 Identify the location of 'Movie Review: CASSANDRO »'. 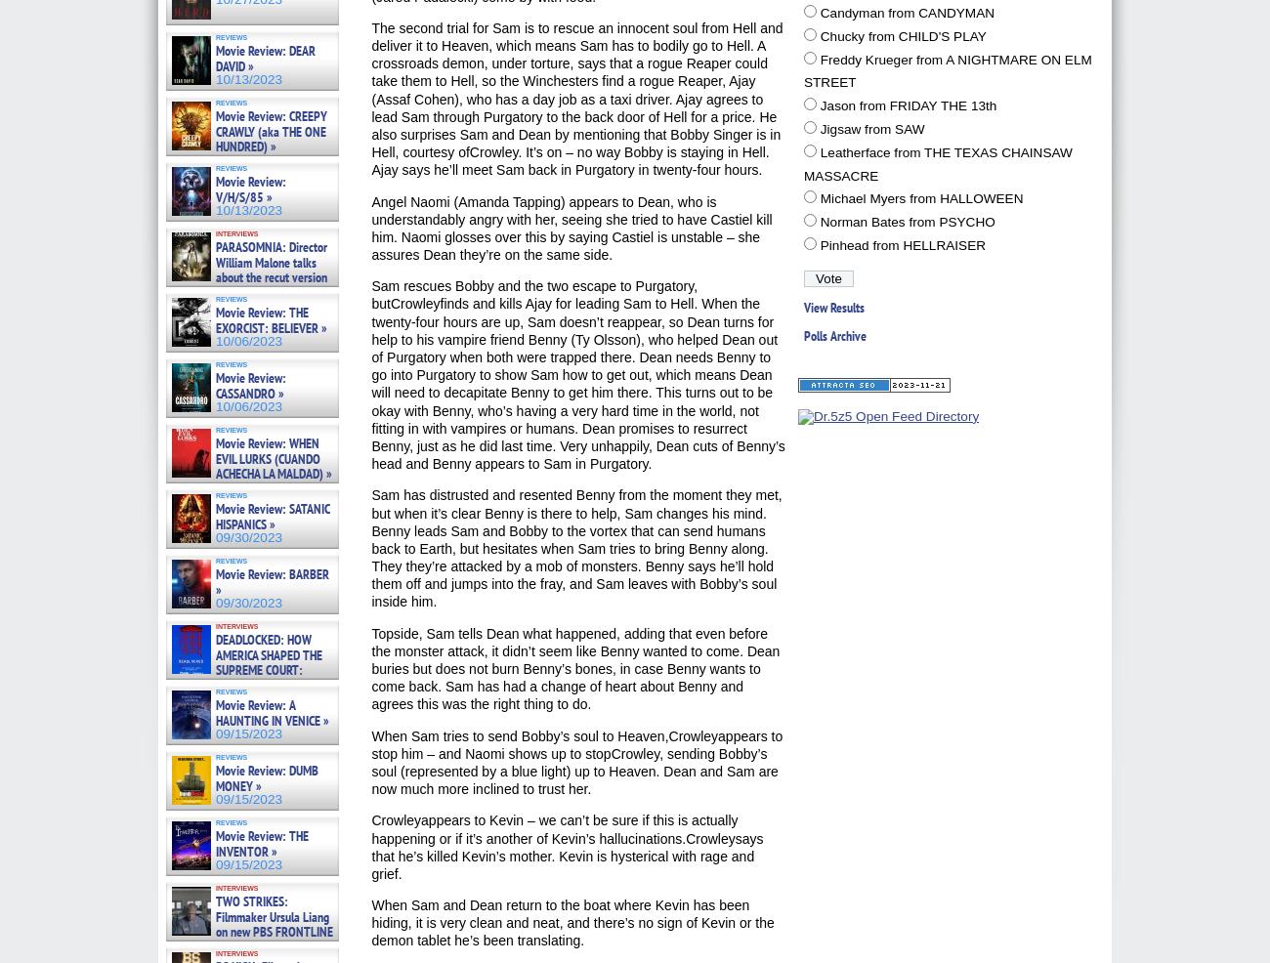
(250, 384).